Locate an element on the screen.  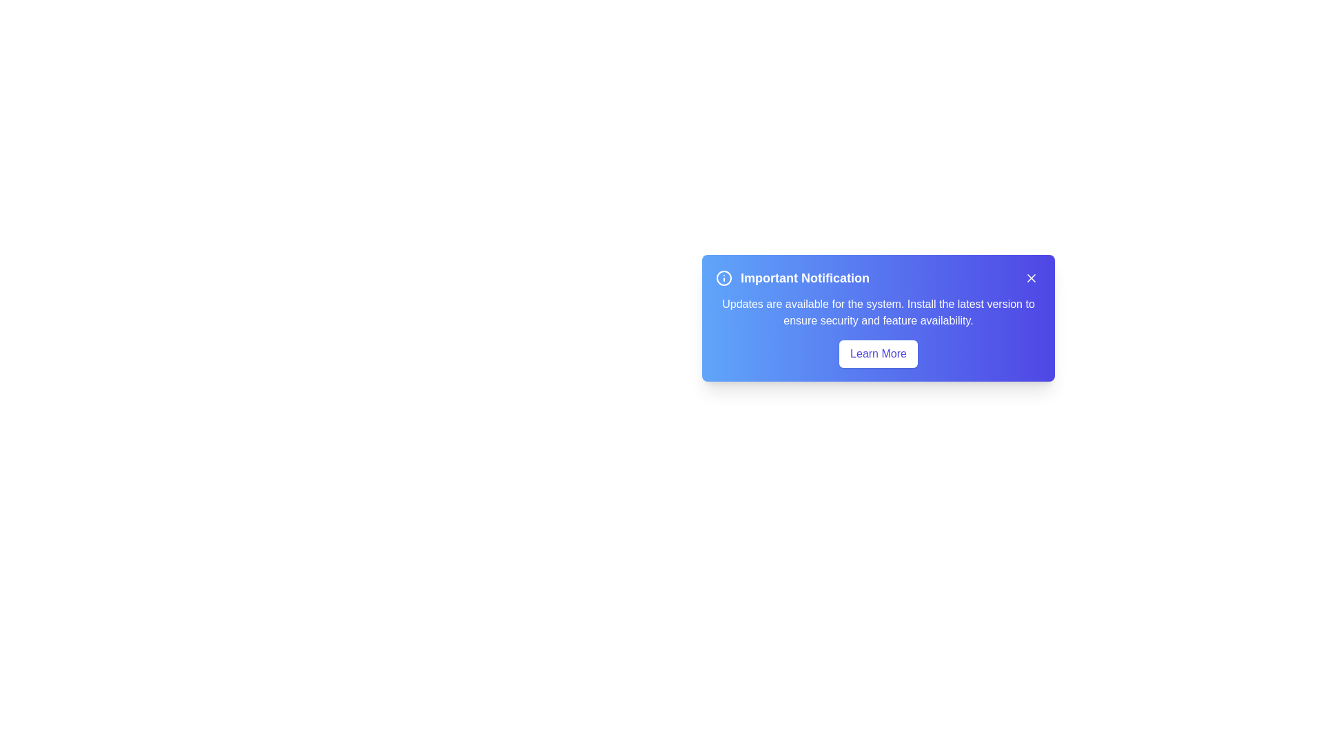
the specified interactive element: learn_more_button is located at coordinates (878, 353).